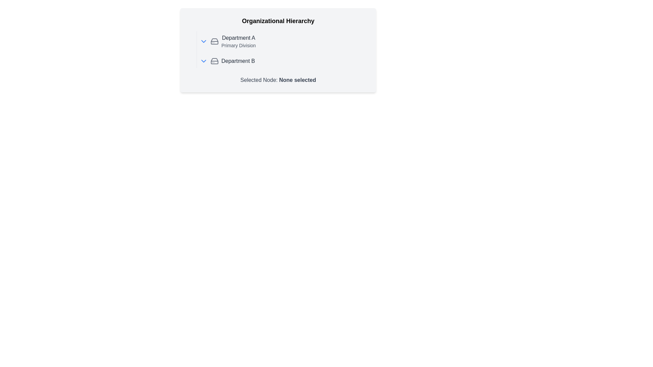  Describe the element at coordinates (203, 61) in the screenshot. I see `the chevron icon located to the left of the 'Department B' label` at that location.